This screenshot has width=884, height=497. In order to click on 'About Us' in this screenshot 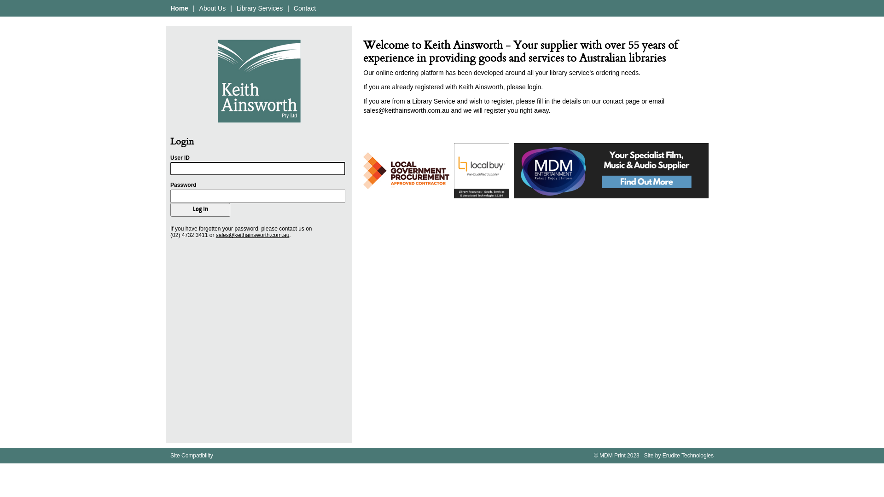, I will do `click(212, 8)`.